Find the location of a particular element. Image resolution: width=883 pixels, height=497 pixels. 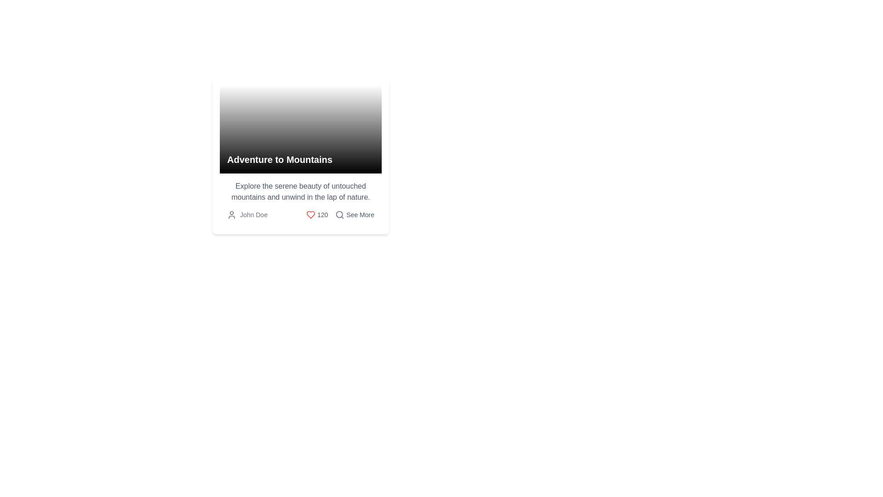

the button-like element that features a magnifying glass icon and the text 'See More', located at the bottom-right corner of the card is located at coordinates (354, 214).